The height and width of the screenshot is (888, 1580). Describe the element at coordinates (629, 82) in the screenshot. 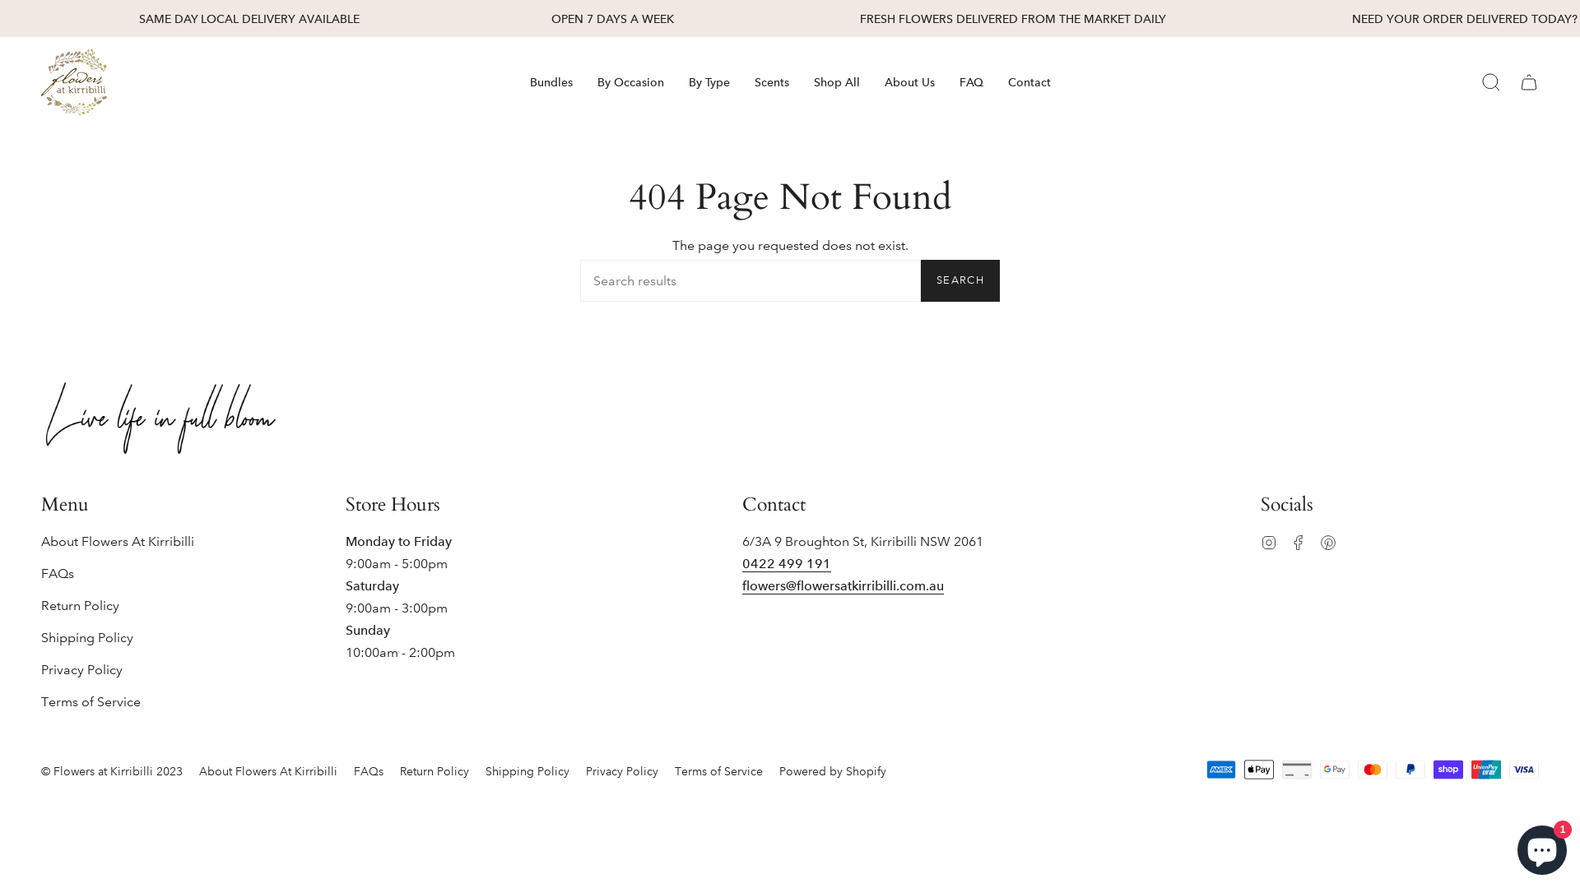

I see `'By Occasion'` at that location.